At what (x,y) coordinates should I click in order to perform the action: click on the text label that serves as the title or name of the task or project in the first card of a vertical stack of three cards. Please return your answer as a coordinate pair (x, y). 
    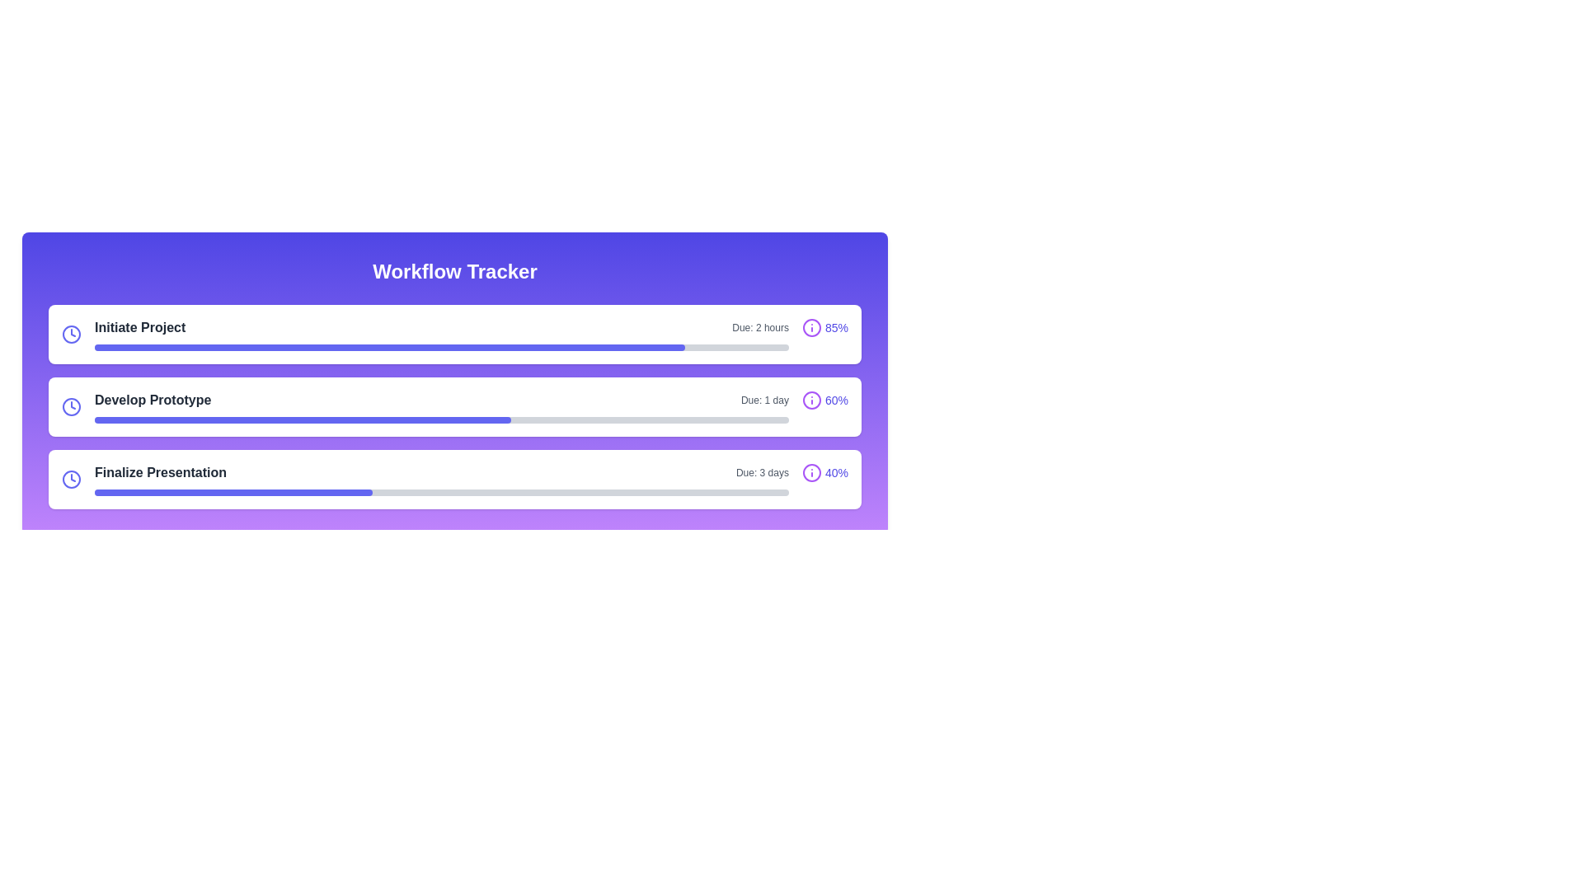
    Looking at the image, I should click on (140, 327).